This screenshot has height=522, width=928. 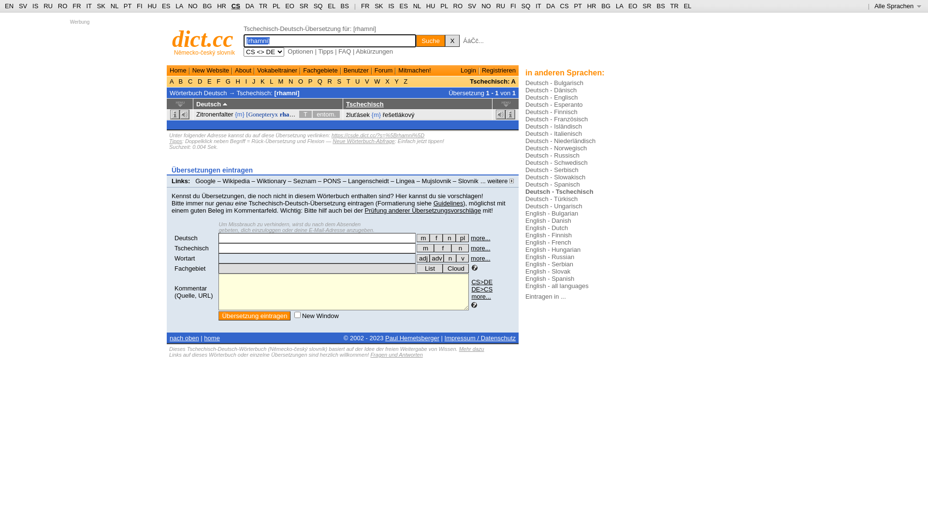 I want to click on 'Deutsch - Serbisch', so click(x=552, y=169).